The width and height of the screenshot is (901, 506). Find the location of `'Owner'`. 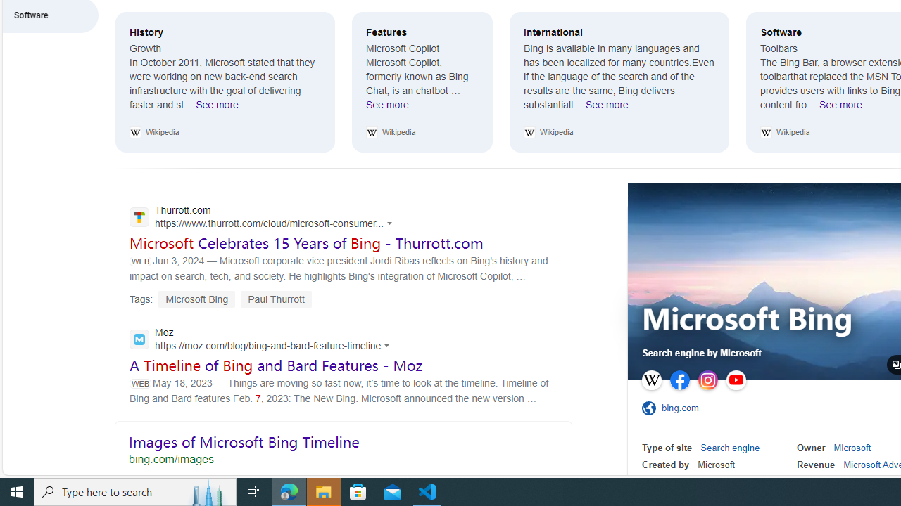

'Owner' is located at coordinates (811, 448).